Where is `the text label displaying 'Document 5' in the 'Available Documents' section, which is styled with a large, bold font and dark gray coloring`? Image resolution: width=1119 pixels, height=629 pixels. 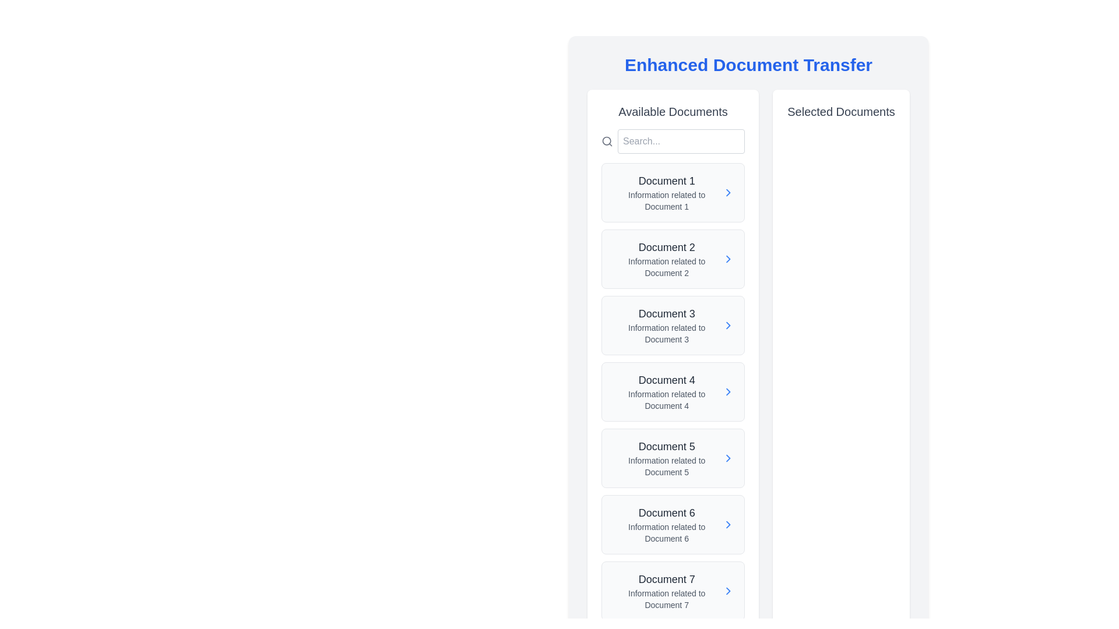 the text label displaying 'Document 5' in the 'Available Documents' section, which is styled with a large, bold font and dark gray coloring is located at coordinates (667, 446).